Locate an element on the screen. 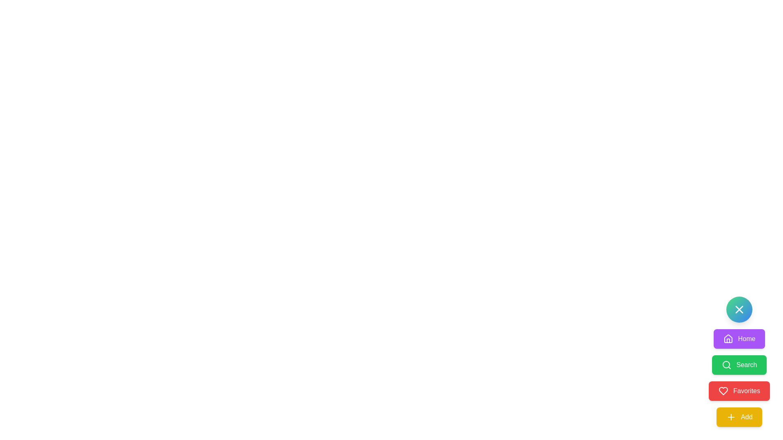 This screenshot has width=783, height=440. the circular search lens icon located within the 'Search' button, which is positioned below the 'Home' button and above the 'Favorites' button in the vertical button group on the right side of the interface is located at coordinates (726, 364).